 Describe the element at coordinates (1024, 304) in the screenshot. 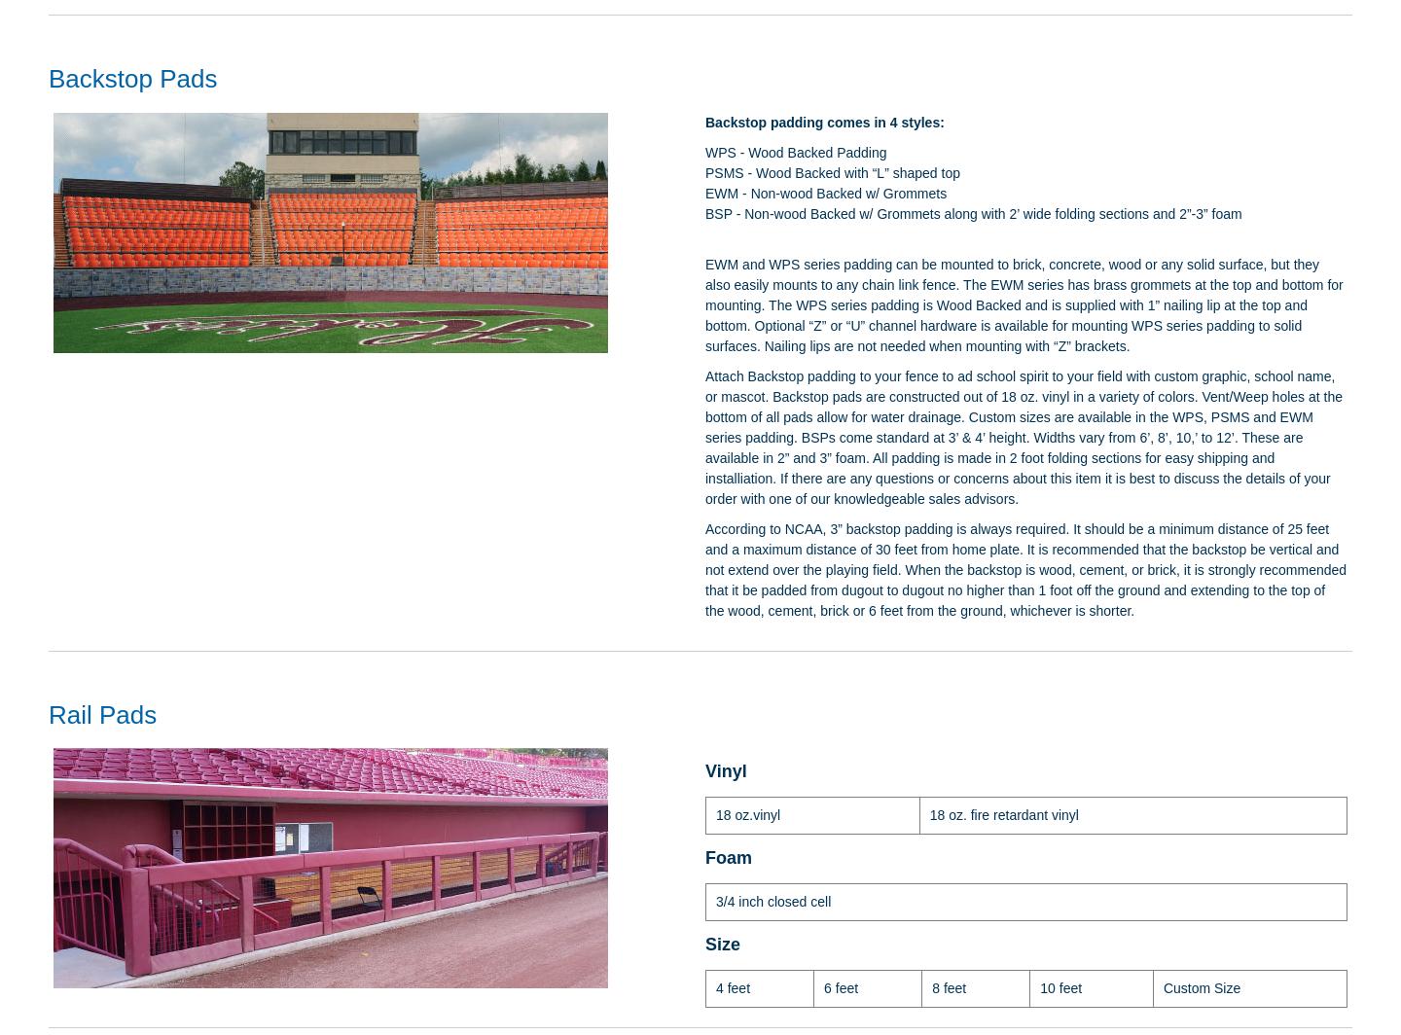

I see `'EWM and WPS series padding can be mounted to brick, concrete, wood or any solid surface, but they also easily mounts to any chain link fence. The EWM series has brass grommets at the top and bottom for mounting. The WPS series padding is Wood Backed and is supplied with 1” nailing lip at the top and bottom. Optional “Z” or “U” channel hardware is available for mounting WPS series padding to solid surfaces. Nailing lips are not needed when mounting with “Z” brackets.'` at that location.